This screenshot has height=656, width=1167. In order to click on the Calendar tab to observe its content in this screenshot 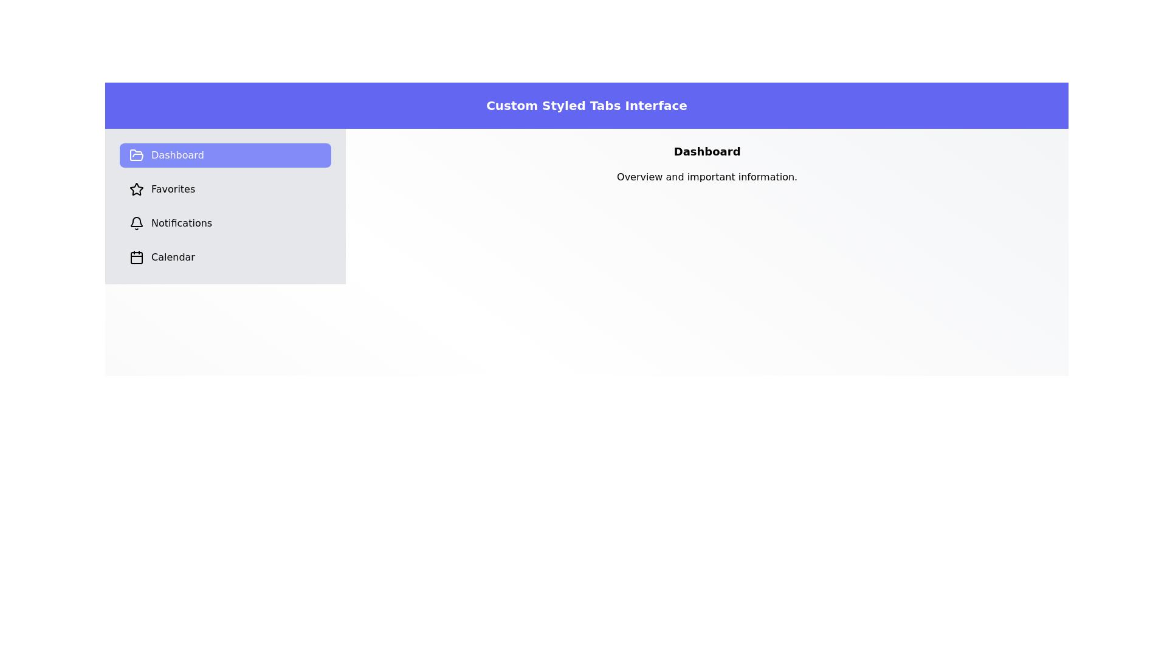, I will do `click(225, 257)`.